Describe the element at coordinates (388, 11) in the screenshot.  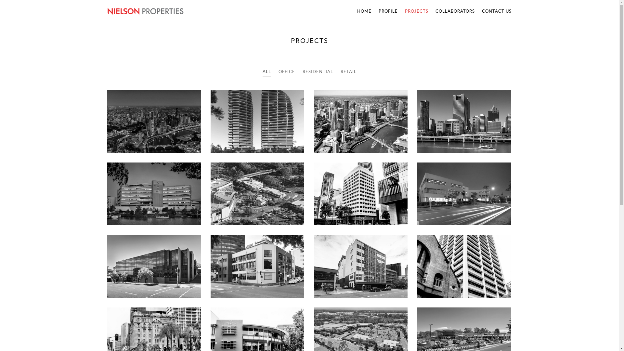
I see `'PROFILE'` at that location.